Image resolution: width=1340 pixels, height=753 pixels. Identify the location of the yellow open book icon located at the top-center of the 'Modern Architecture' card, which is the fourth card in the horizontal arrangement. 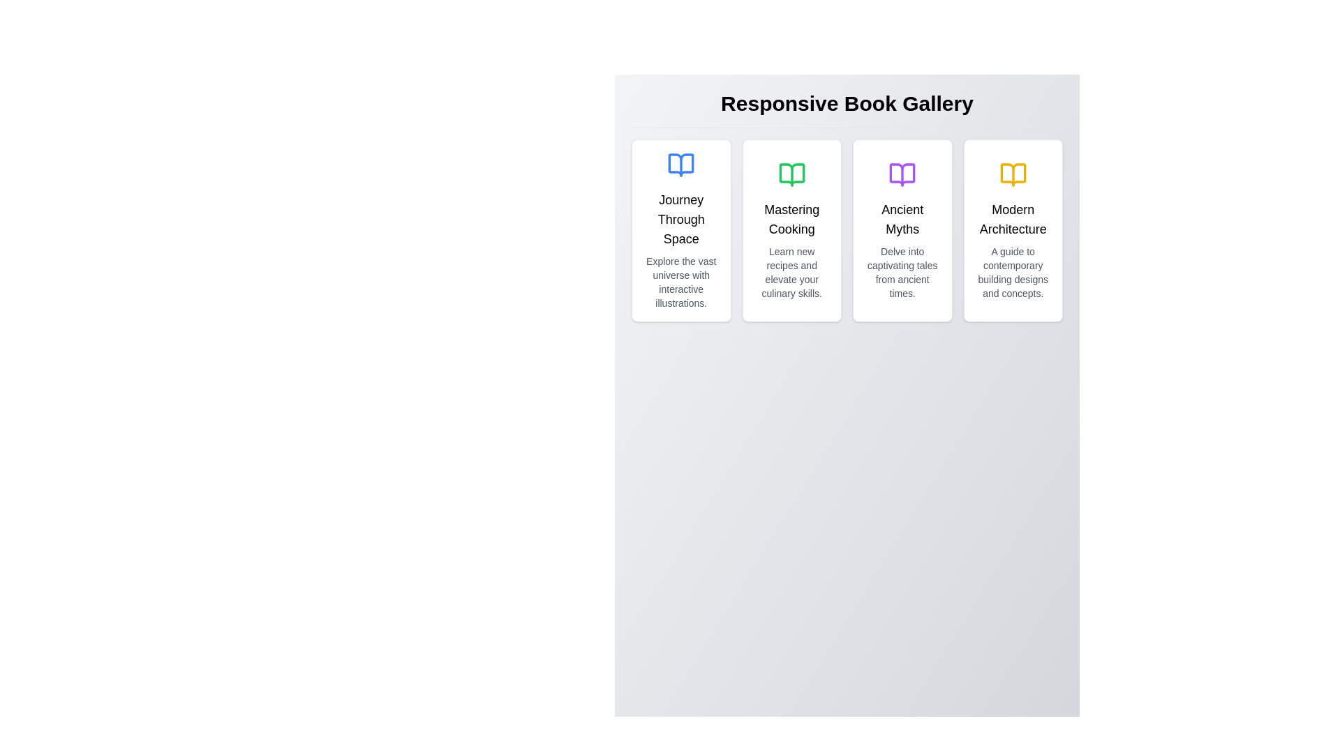
(1013, 174).